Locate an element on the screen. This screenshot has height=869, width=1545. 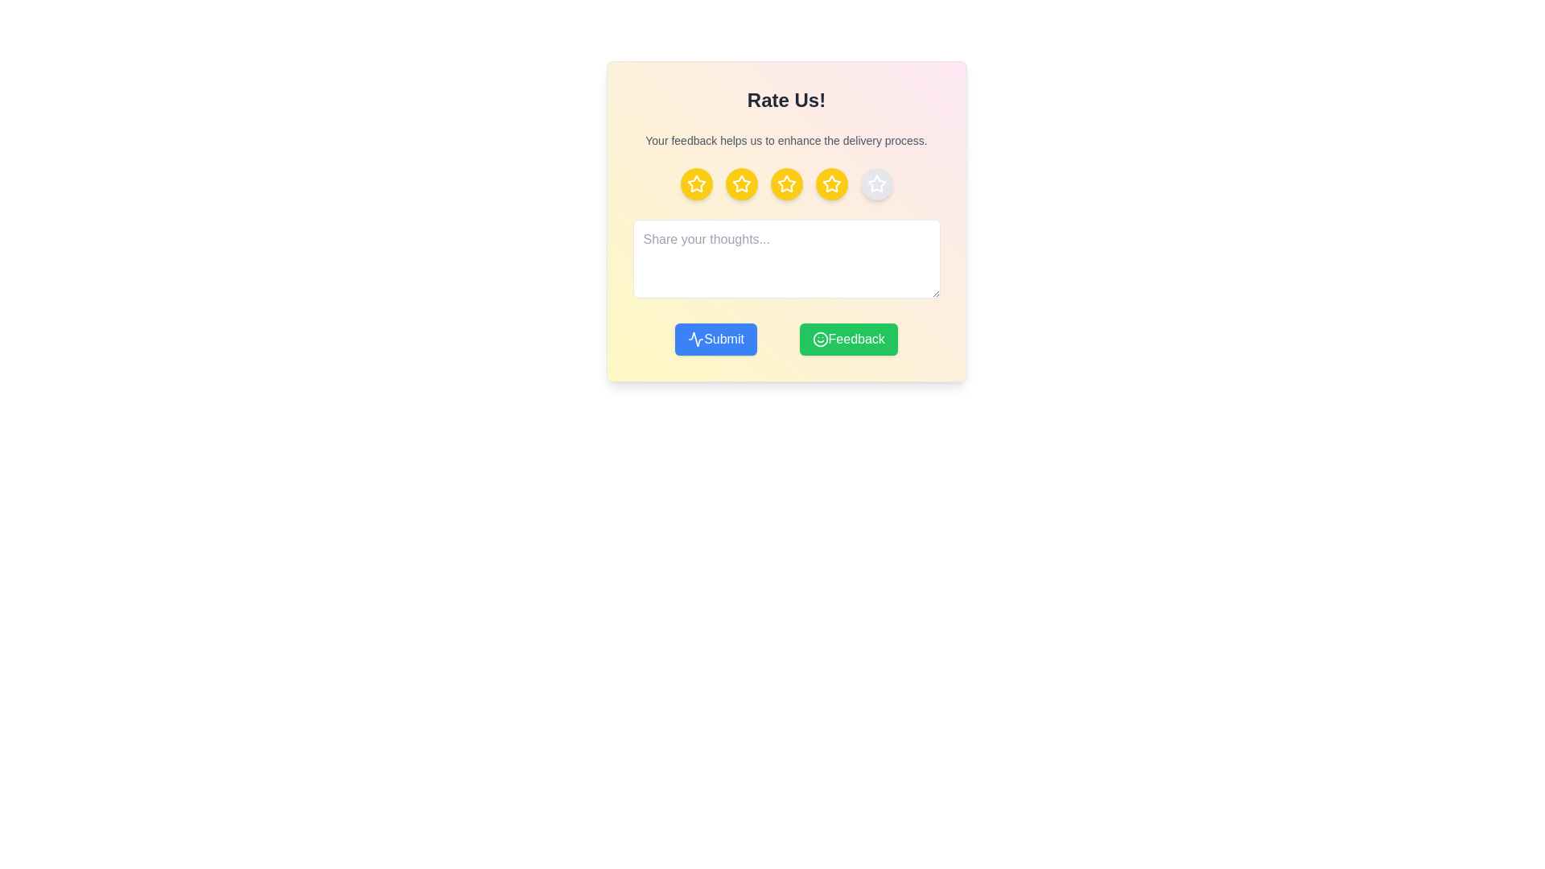
the rating to 4 stars by clicking on the corresponding star is located at coordinates (831, 183).